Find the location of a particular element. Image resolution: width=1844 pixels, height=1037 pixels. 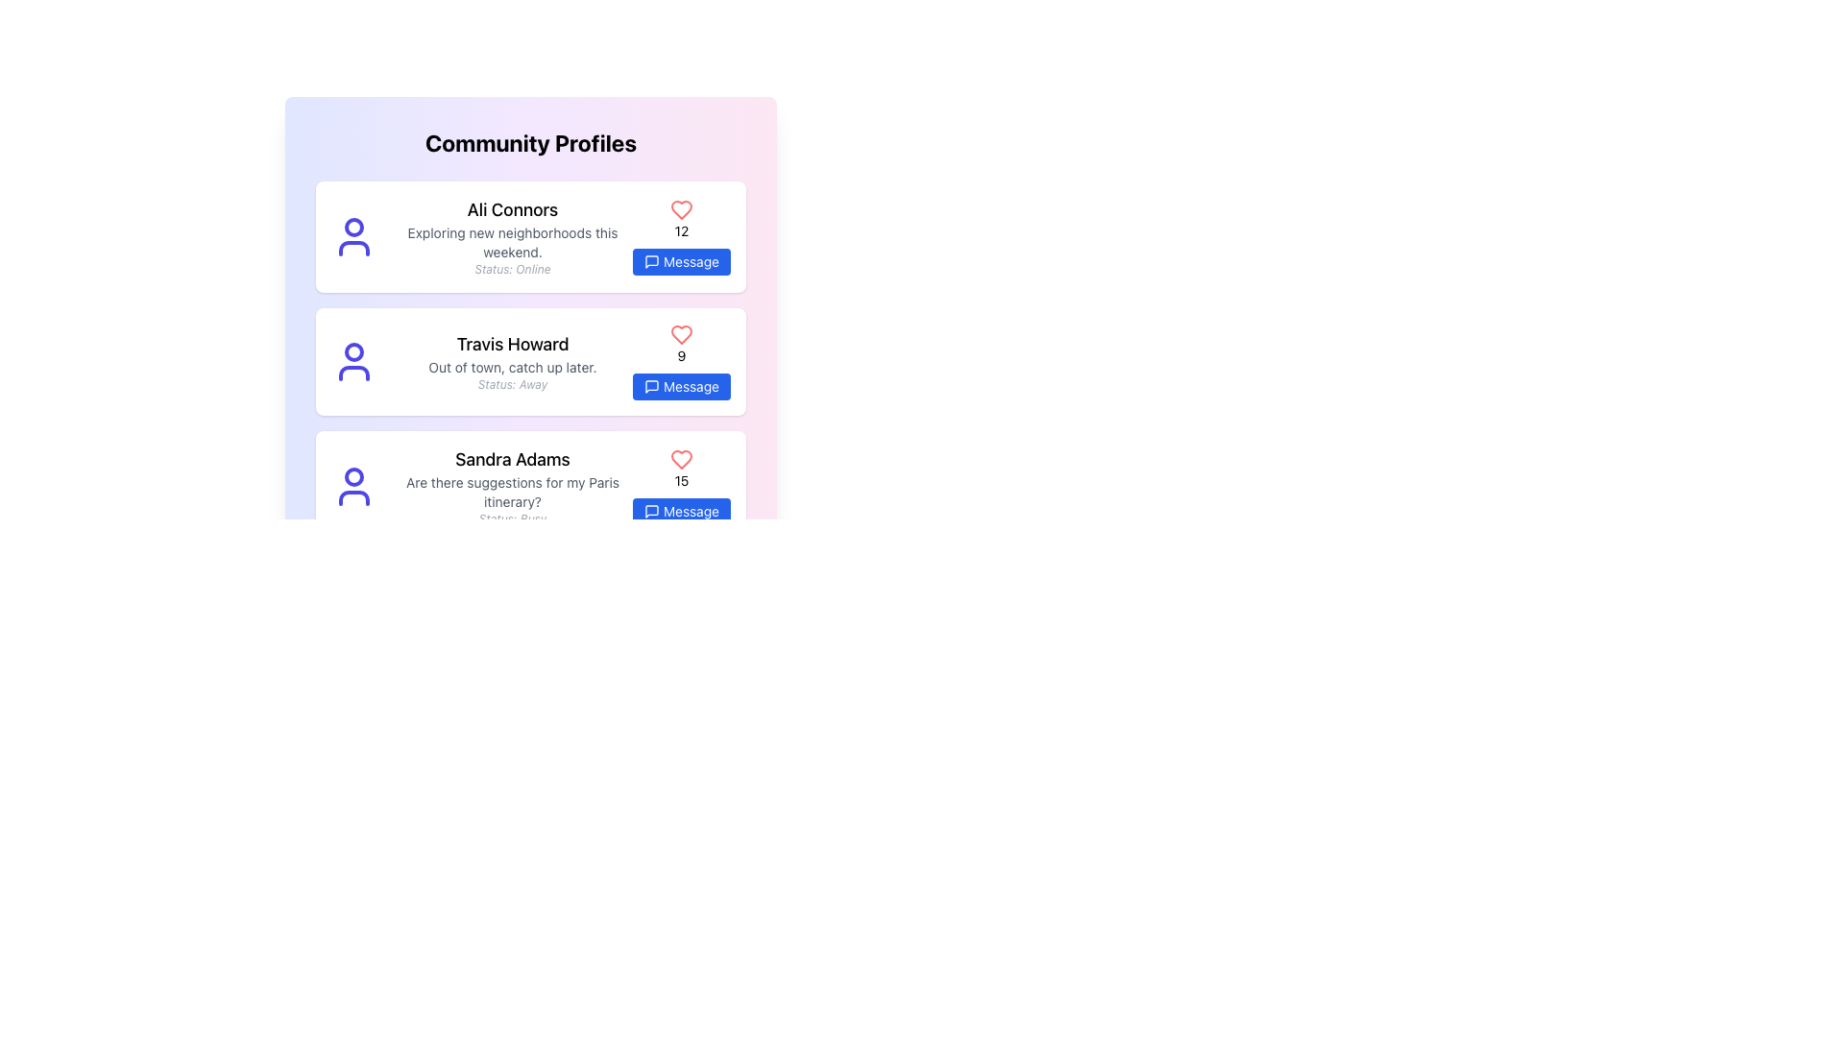

the heart icon in the interaction statistic display for Ali Connors is located at coordinates (682, 235).